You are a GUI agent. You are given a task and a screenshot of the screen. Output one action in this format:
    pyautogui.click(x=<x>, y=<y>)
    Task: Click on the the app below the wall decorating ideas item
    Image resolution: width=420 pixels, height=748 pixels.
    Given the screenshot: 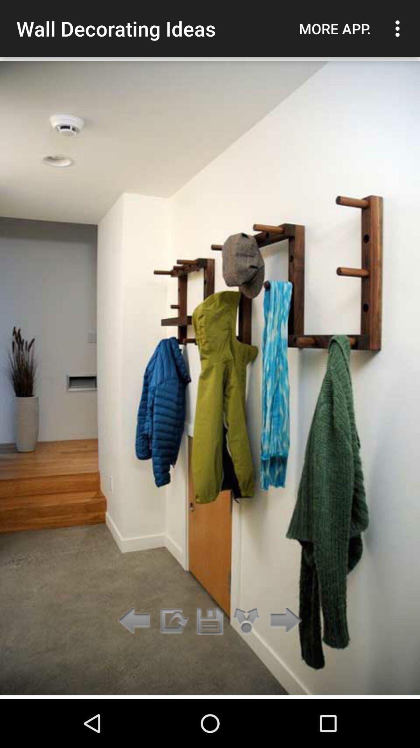 What is the action you would take?
    pyautogui.click(x=210, y=621)
    